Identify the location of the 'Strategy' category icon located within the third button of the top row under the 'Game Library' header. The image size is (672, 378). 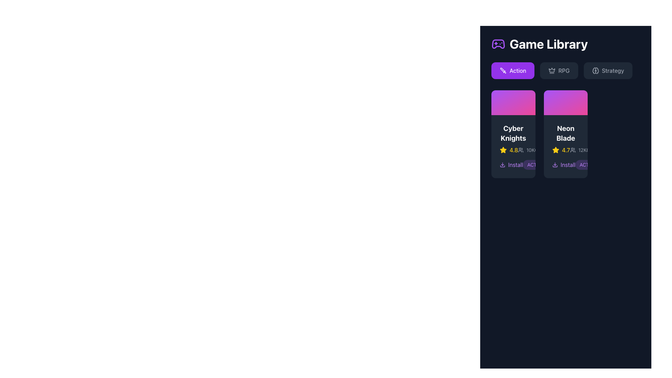
(595, 70).